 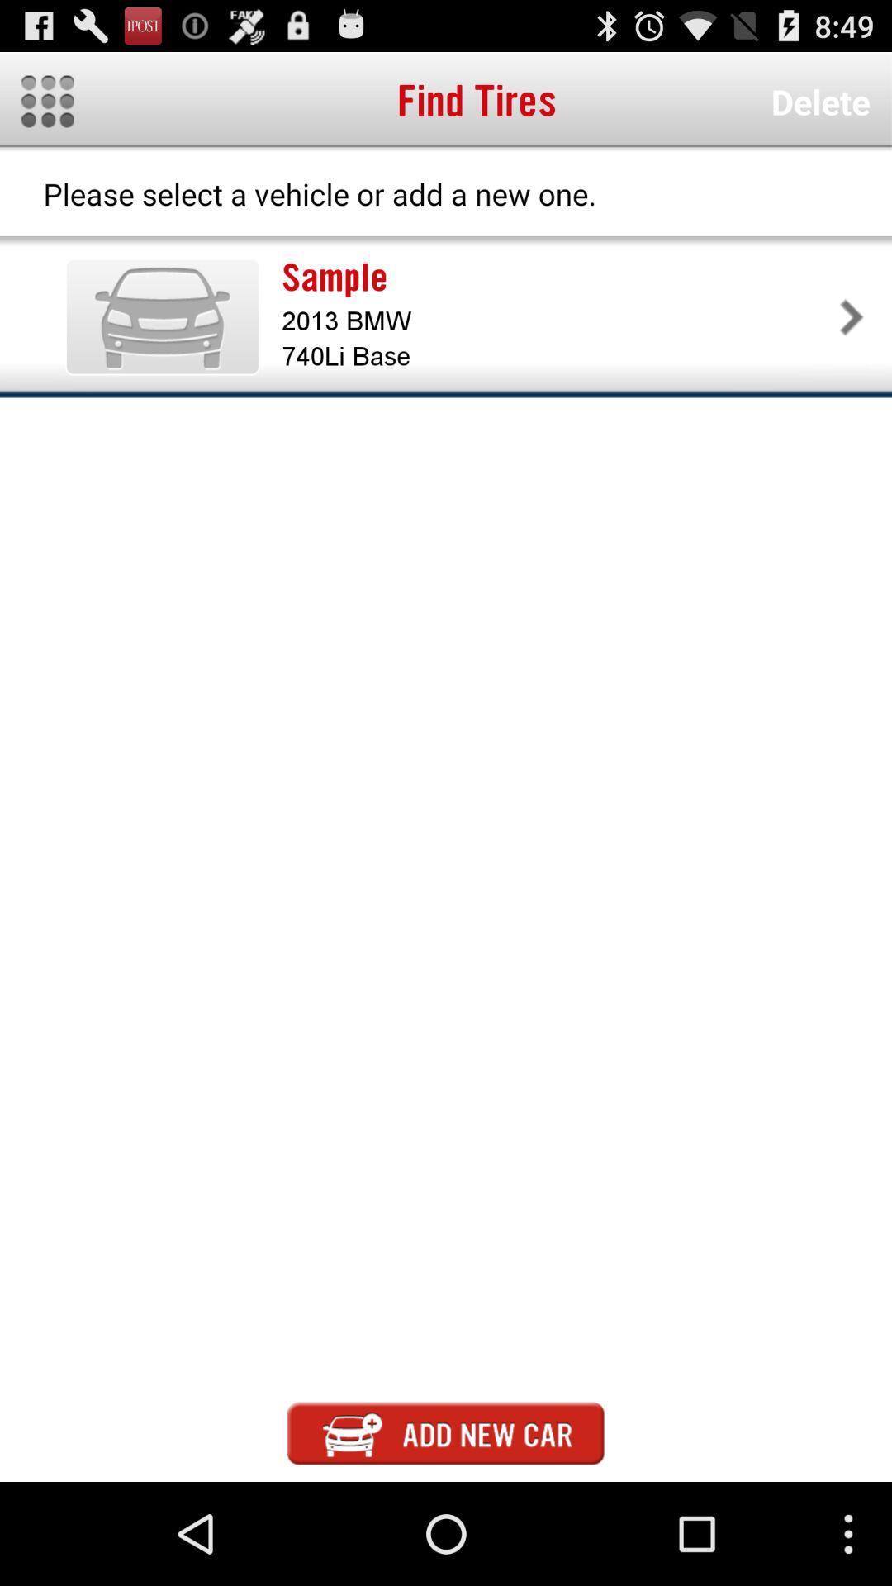 What do you see at coordinates (446, 1432) in the screenshot?
I see `new car option` at bounding box center [446, 1432].